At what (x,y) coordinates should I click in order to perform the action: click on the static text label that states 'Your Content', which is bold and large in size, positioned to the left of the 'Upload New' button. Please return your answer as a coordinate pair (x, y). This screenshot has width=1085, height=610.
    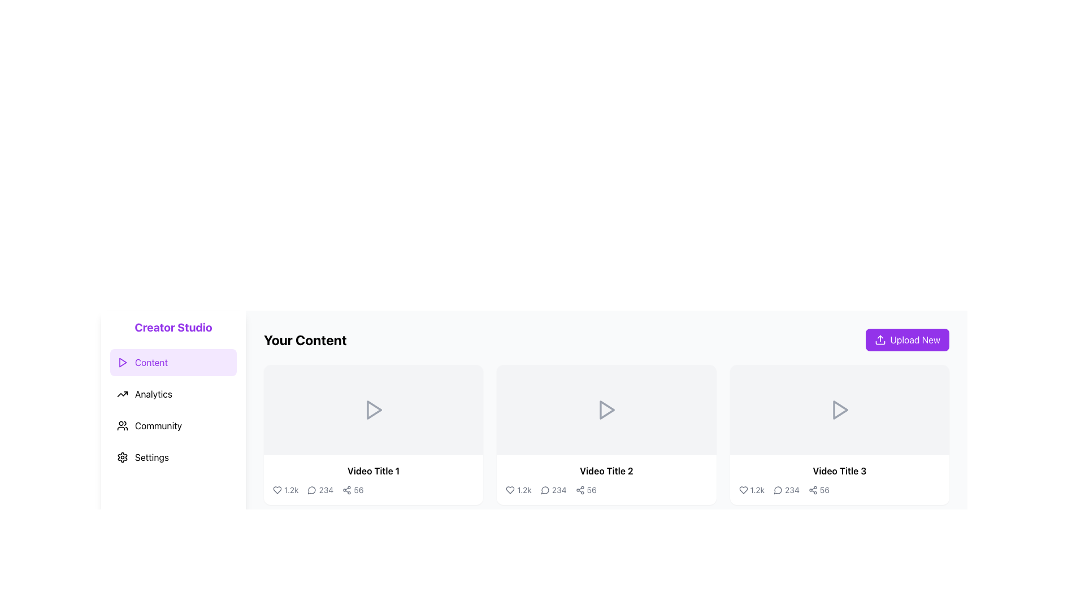
    Looking at the image, I should click on (305, 339).